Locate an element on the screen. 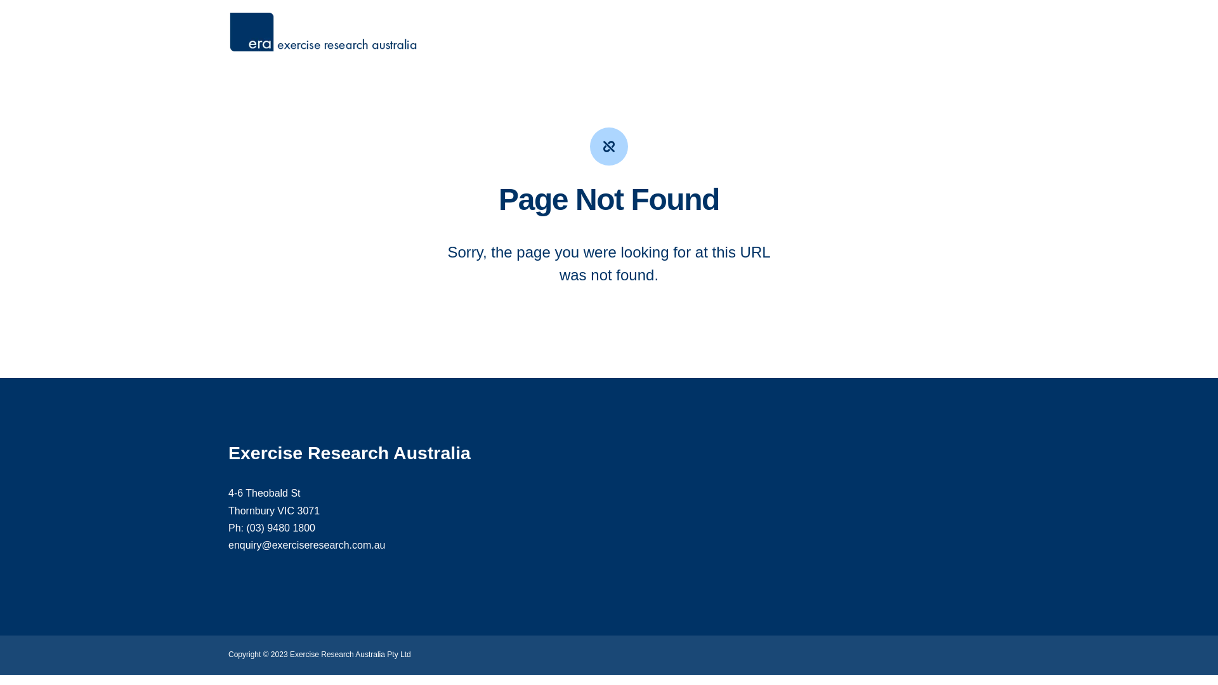 The image size is (1218, 685). 'enquiry@exerciseresearch.com.au' is located at coordinates (306, 544).